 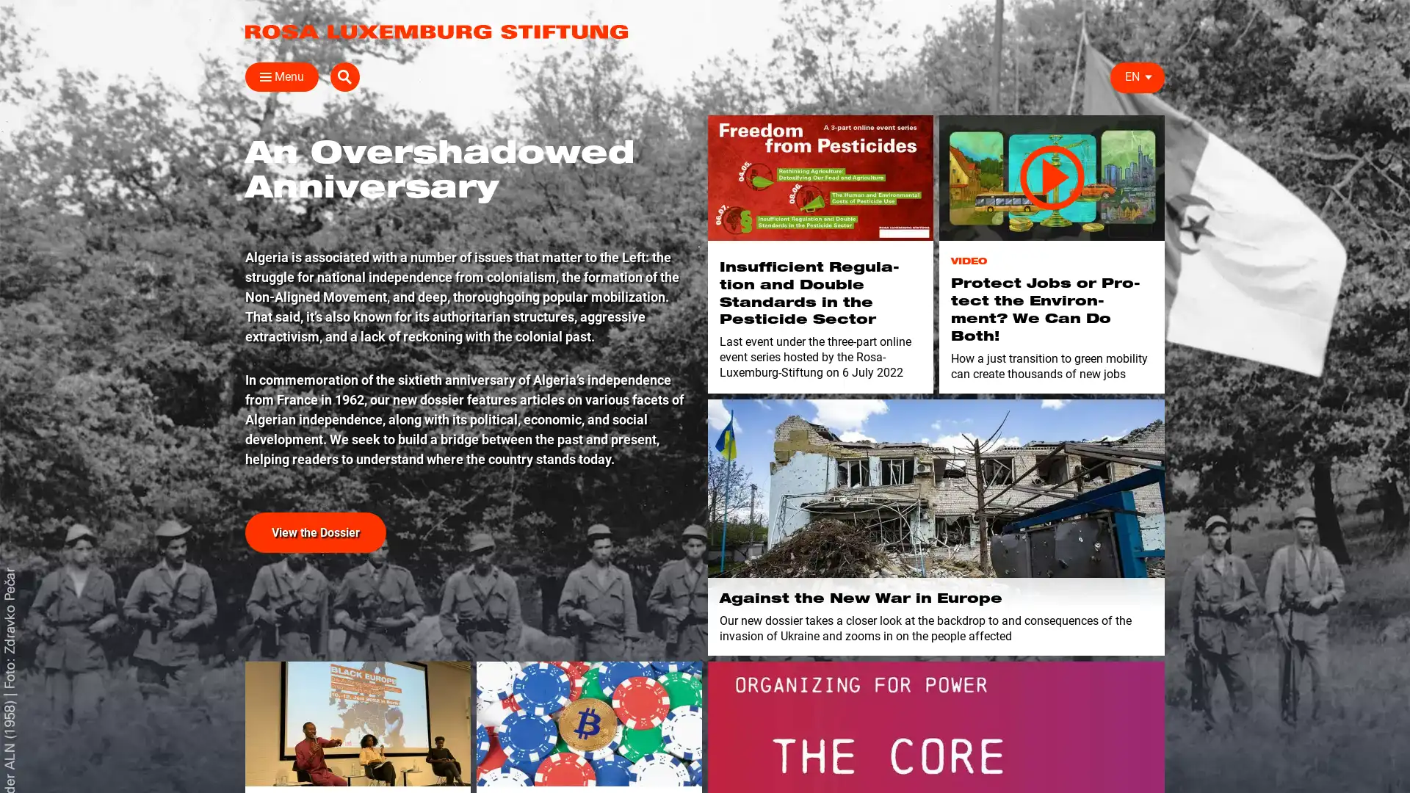 I want to click on Show more / less, so click(x=239, y=173).